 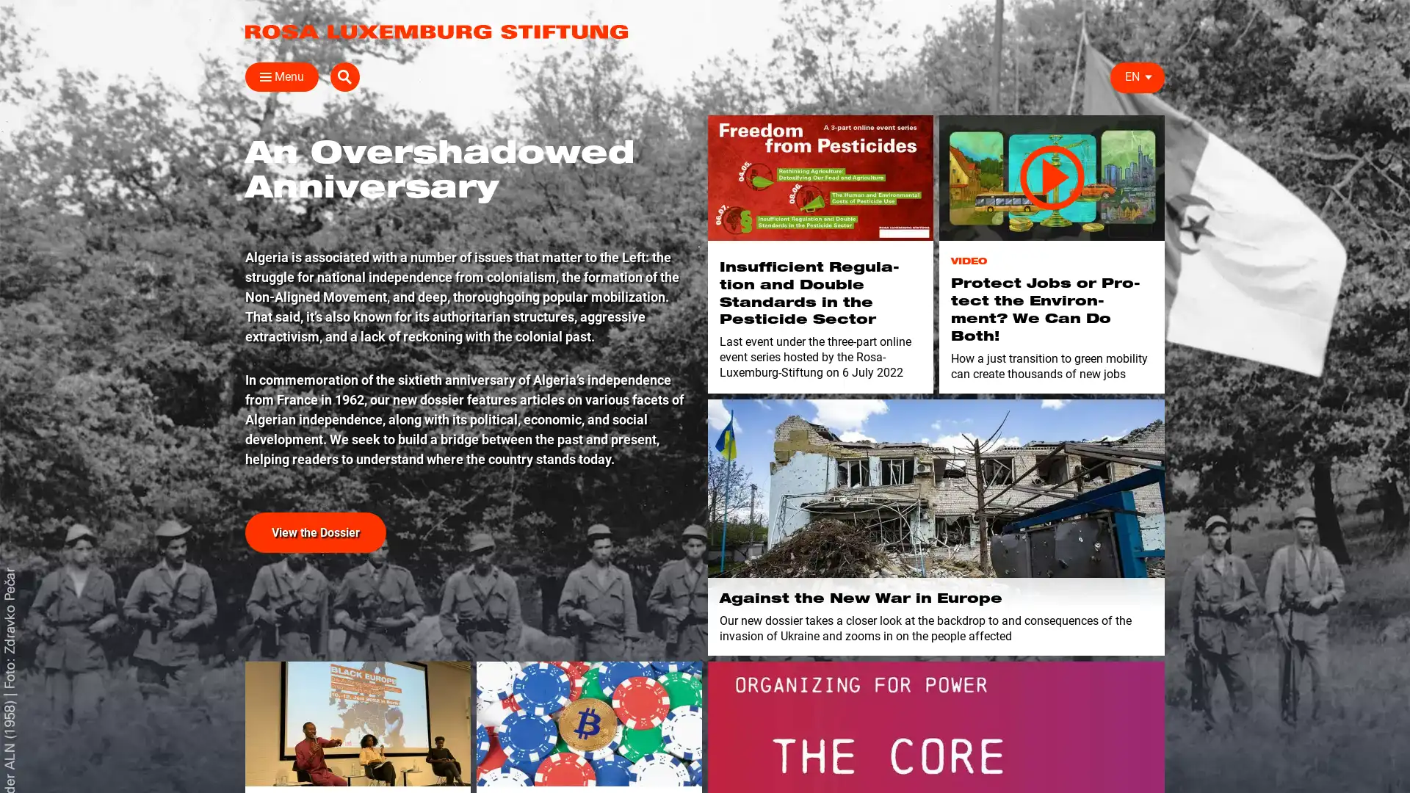 I want to click on Show more / less, so click(x=239, y=173).